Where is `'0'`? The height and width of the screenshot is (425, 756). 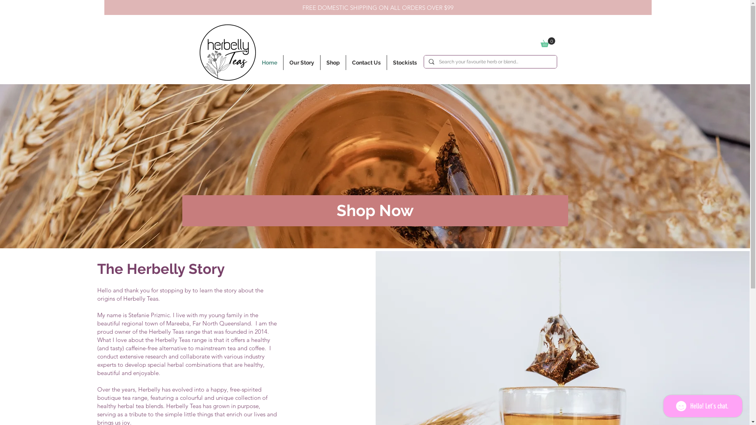
'0' is located at coordinates (540, 42).